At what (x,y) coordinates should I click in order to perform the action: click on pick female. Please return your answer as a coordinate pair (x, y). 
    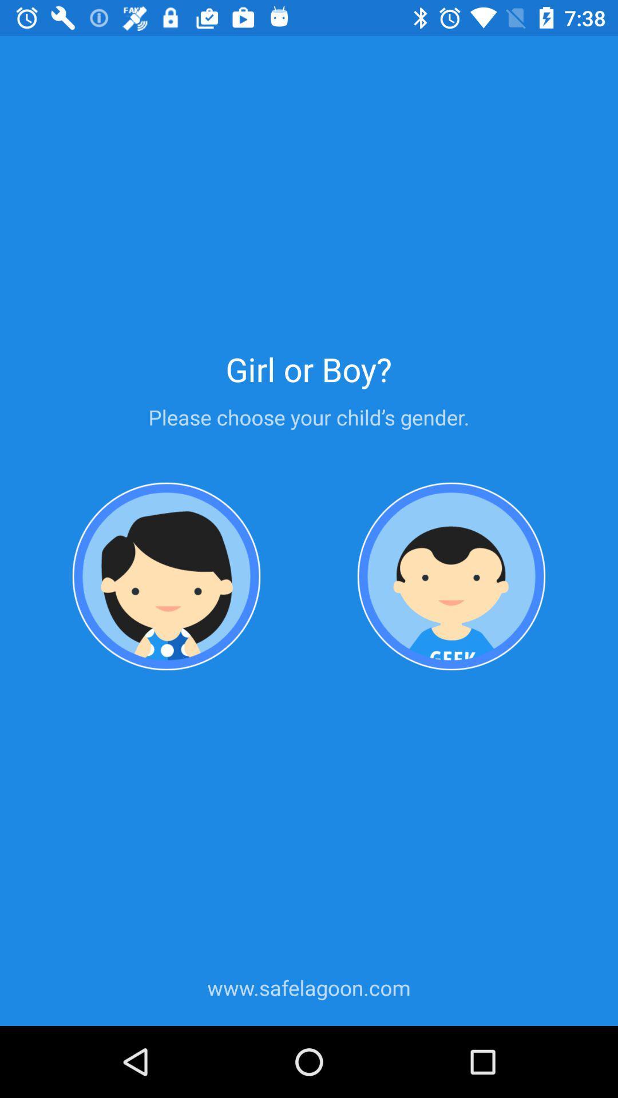
    Looking at the image, I should click on (166, 577).